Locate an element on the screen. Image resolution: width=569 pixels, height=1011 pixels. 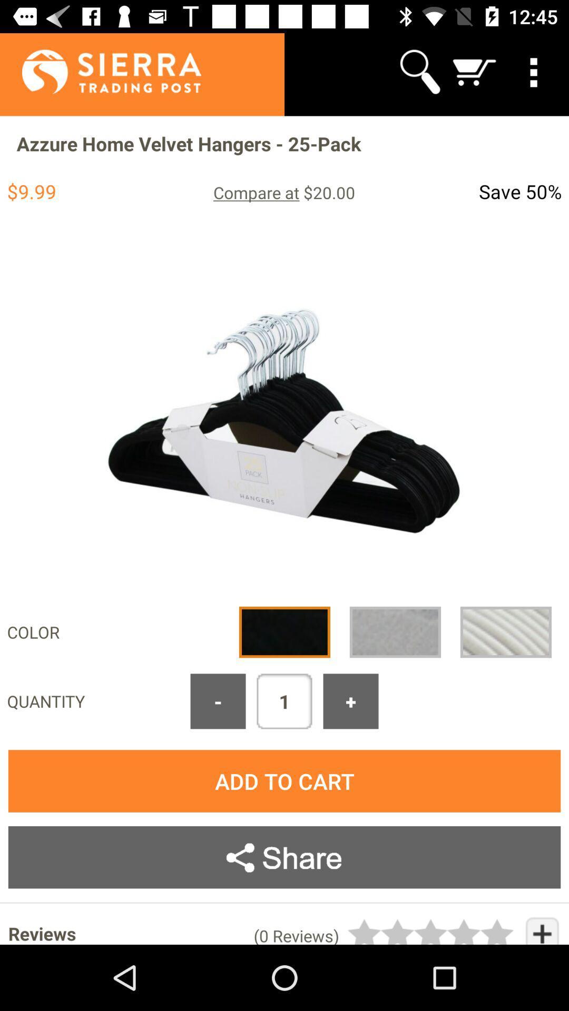
share with others is located at coordinates (284, 857).